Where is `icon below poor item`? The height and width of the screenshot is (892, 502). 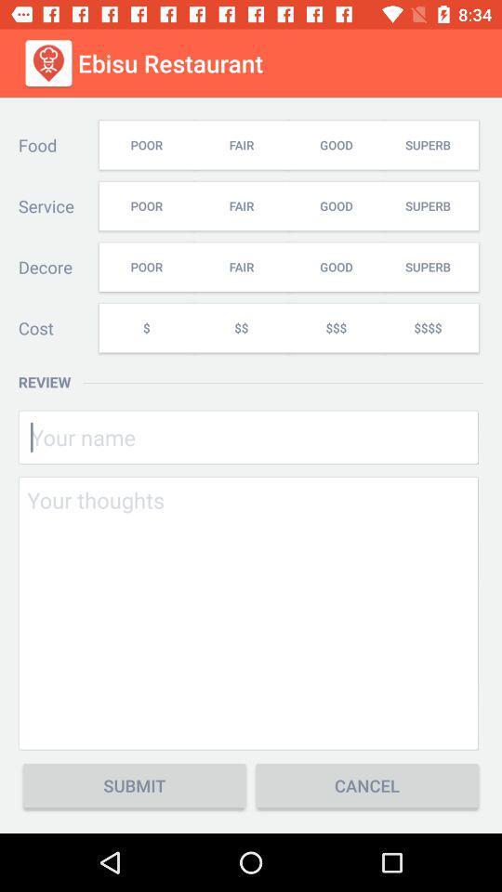
icon below poor item is located at coordinates (145, 328).